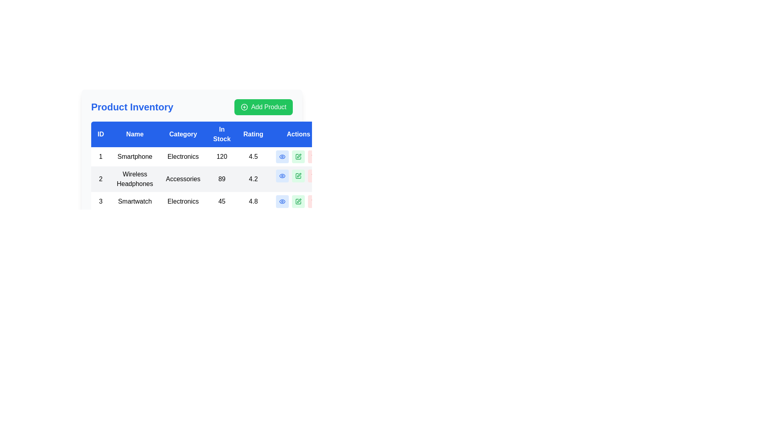 The height and width of the screenshot is (432, 768). Describe the element at coordinates (282, 201) in the screenshot. I see `the rounded square button with a light blue background and blue border, which contains an eye icon` at that location.